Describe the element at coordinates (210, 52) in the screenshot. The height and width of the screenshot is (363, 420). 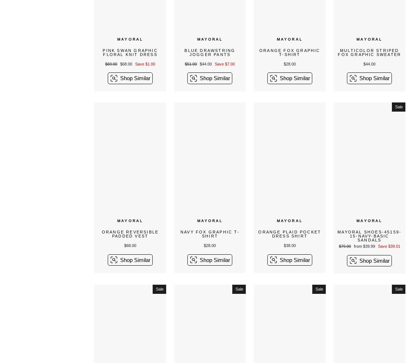
I see `'Blue Drawstring Jogger Pants'` at that location.